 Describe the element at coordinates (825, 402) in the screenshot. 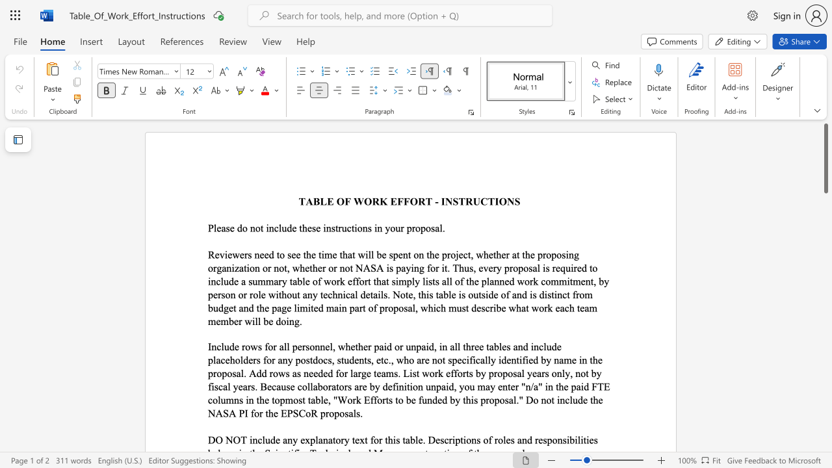

I see `the scrollbar to scroll downward` at that location.